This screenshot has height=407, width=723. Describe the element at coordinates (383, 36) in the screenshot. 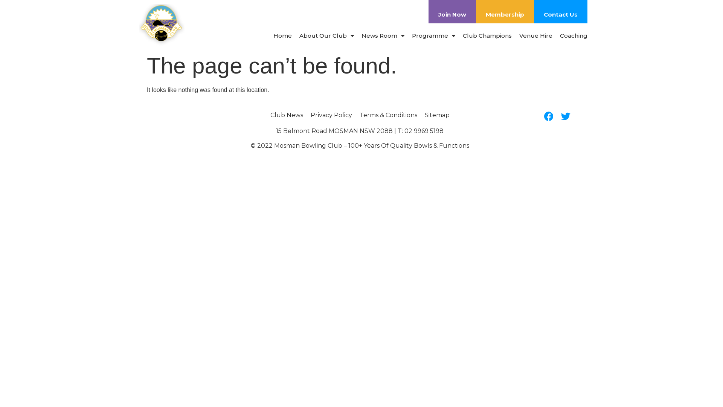

I see `'News Room'` at that location.